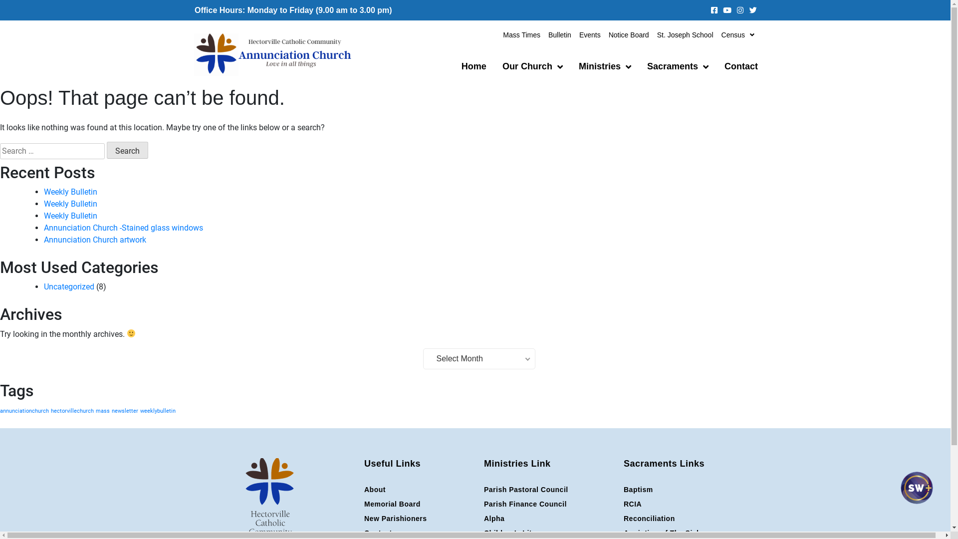 This screenshot has width=958, height=539. Describe the element at coordinates (560, 34) in the screenshot. I see `'Bulletin'` at that location.